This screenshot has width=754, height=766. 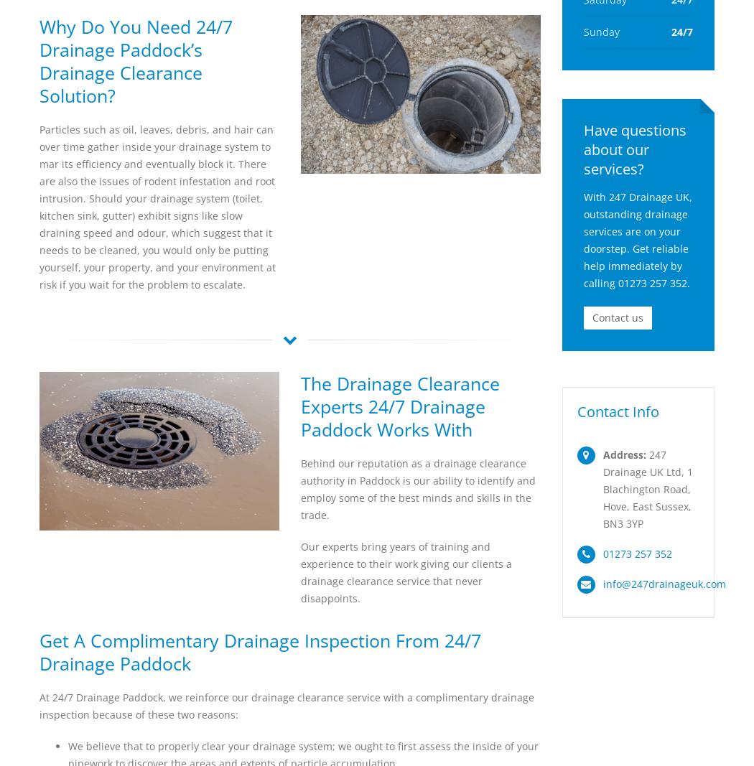 What do you see at coordinates (617, 411) in the screenshot?
I see `'Contact Info'` at bounding box center [617, 411].